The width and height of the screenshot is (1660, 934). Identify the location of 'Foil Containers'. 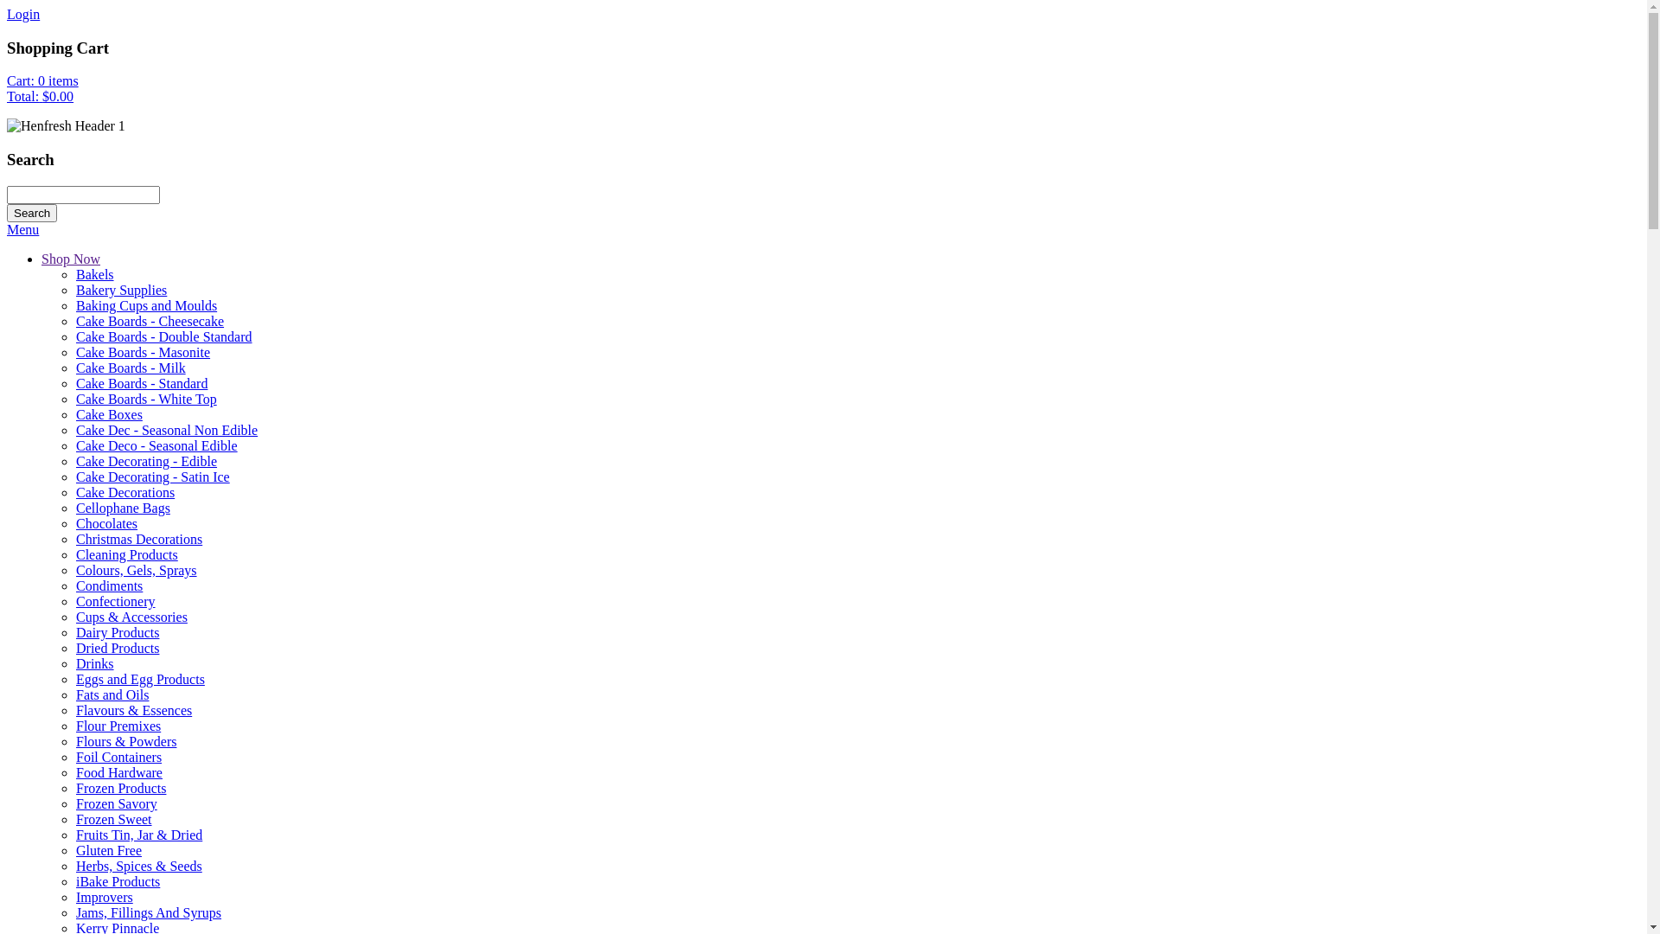
(74, 756).